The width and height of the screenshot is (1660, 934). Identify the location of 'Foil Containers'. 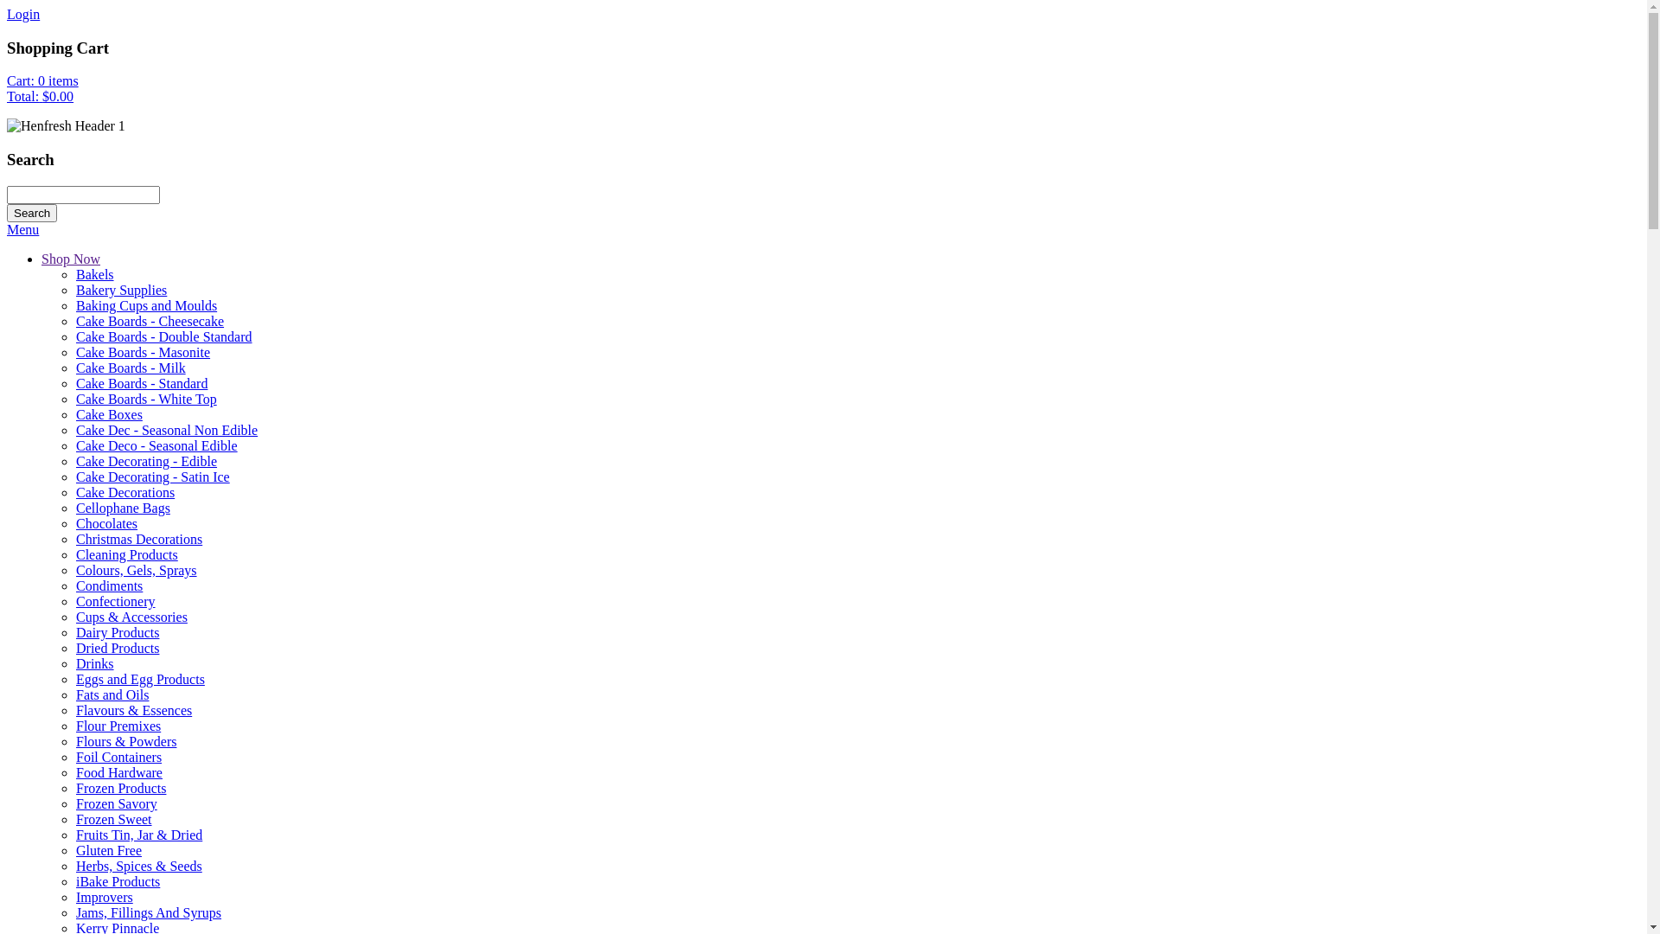
(74, 756).